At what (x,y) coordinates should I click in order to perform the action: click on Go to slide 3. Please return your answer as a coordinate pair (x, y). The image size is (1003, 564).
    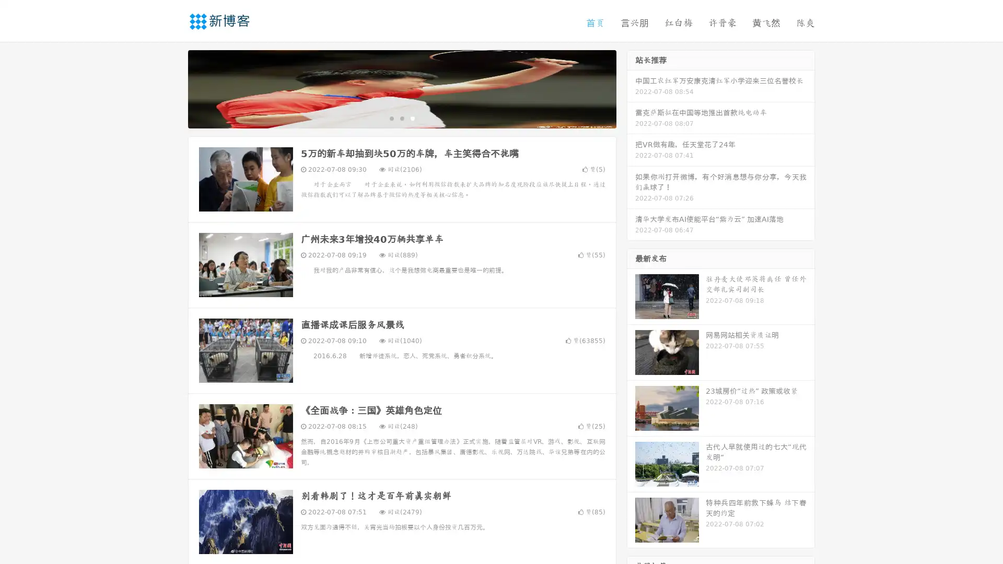
    Looking at the image, I should click on (412, 118).